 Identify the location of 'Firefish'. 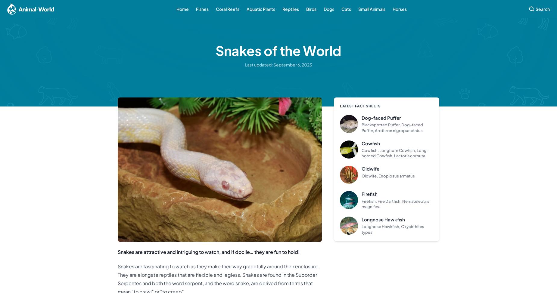
(369, 193).